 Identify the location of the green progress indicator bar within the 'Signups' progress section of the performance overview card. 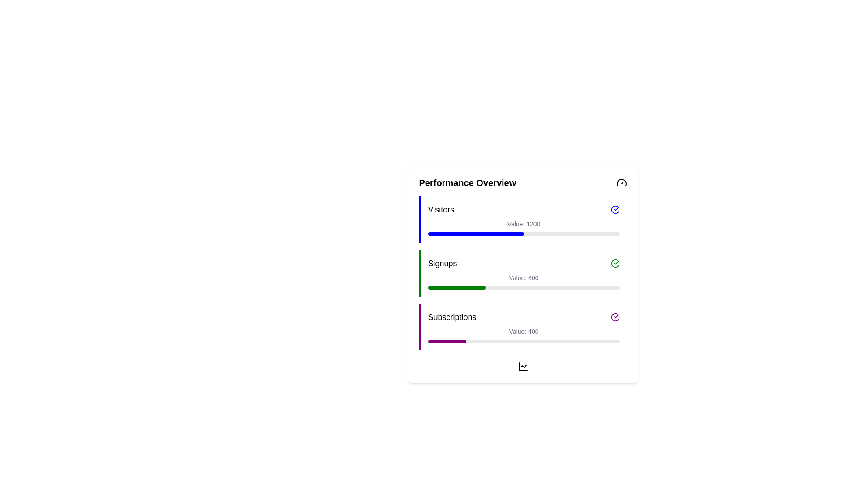
(456, 287).